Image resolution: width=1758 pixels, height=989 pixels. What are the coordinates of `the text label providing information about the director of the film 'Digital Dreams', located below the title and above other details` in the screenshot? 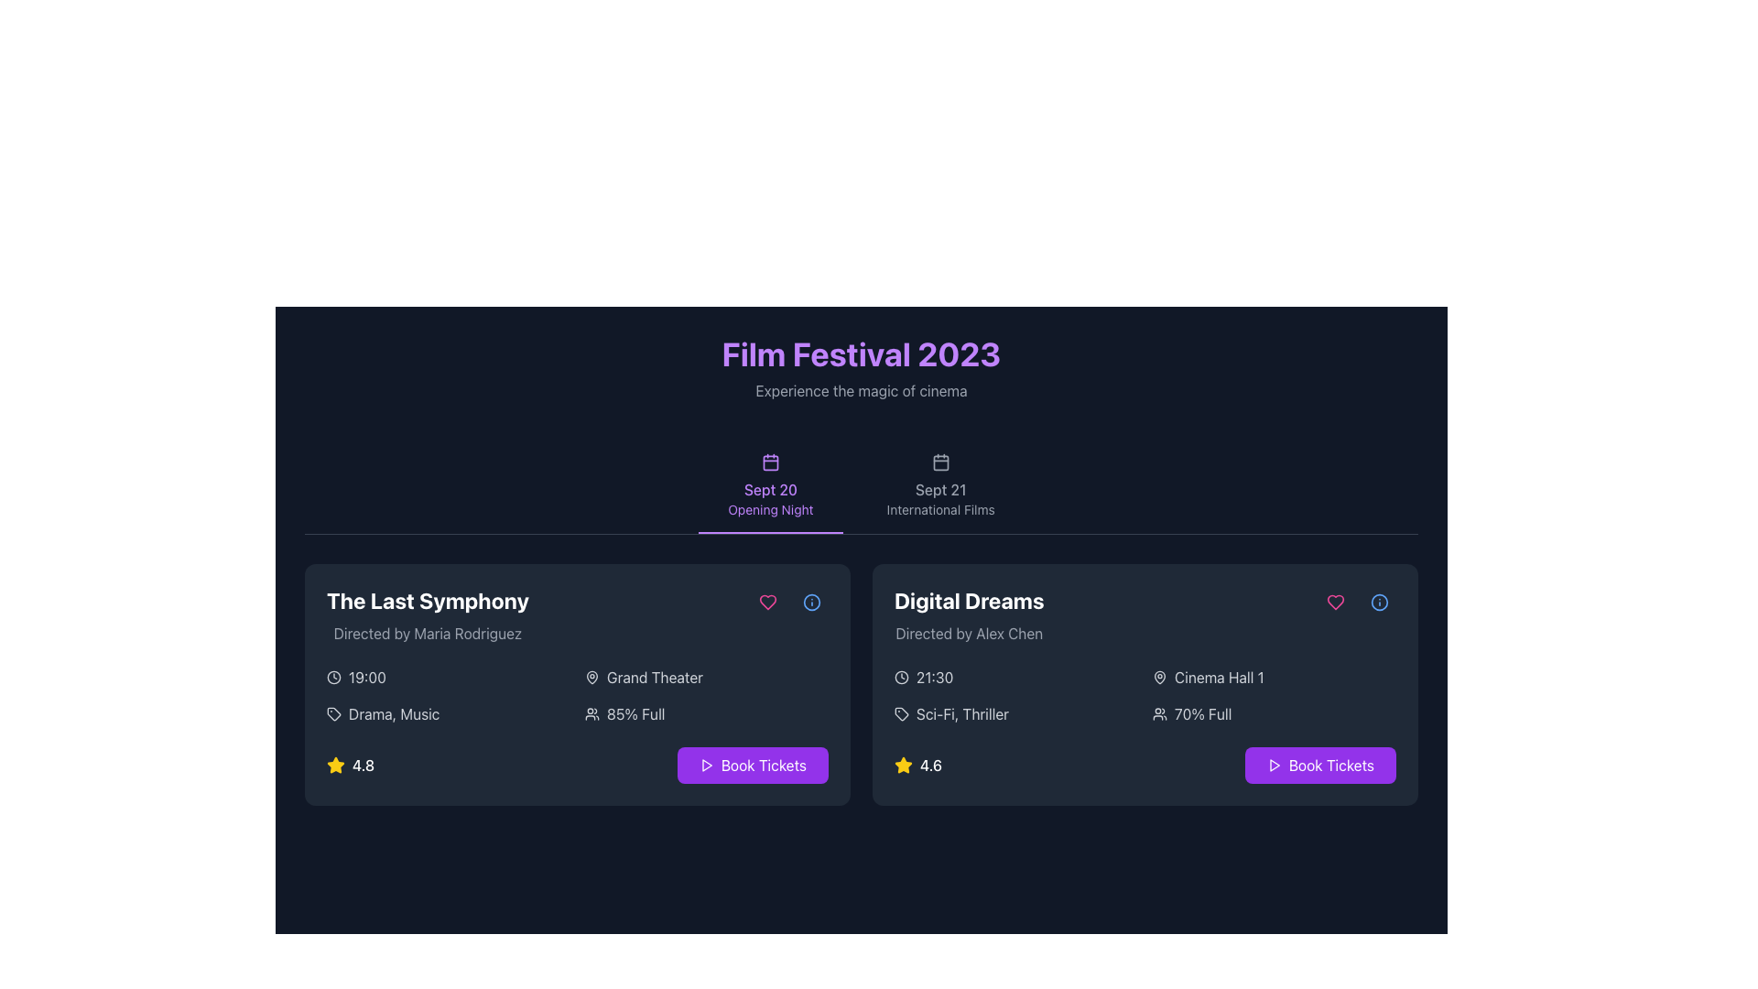 It's located at (968, 632).